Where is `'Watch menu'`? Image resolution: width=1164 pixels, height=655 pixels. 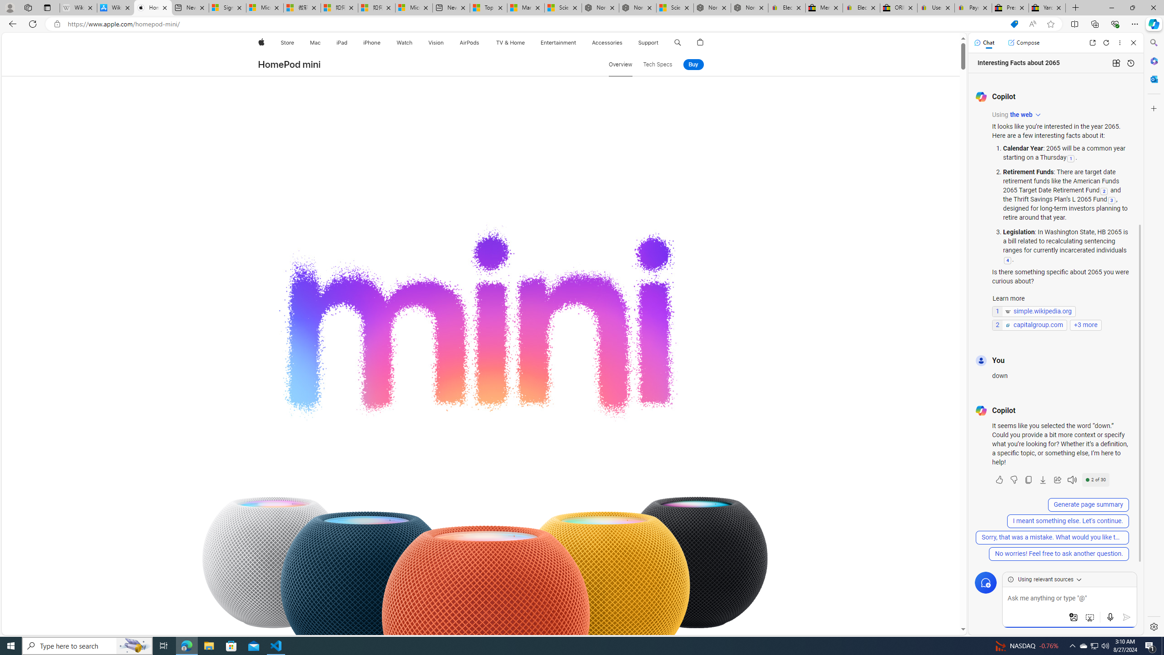 'Watch menu' is located at coordinates (415, 42).